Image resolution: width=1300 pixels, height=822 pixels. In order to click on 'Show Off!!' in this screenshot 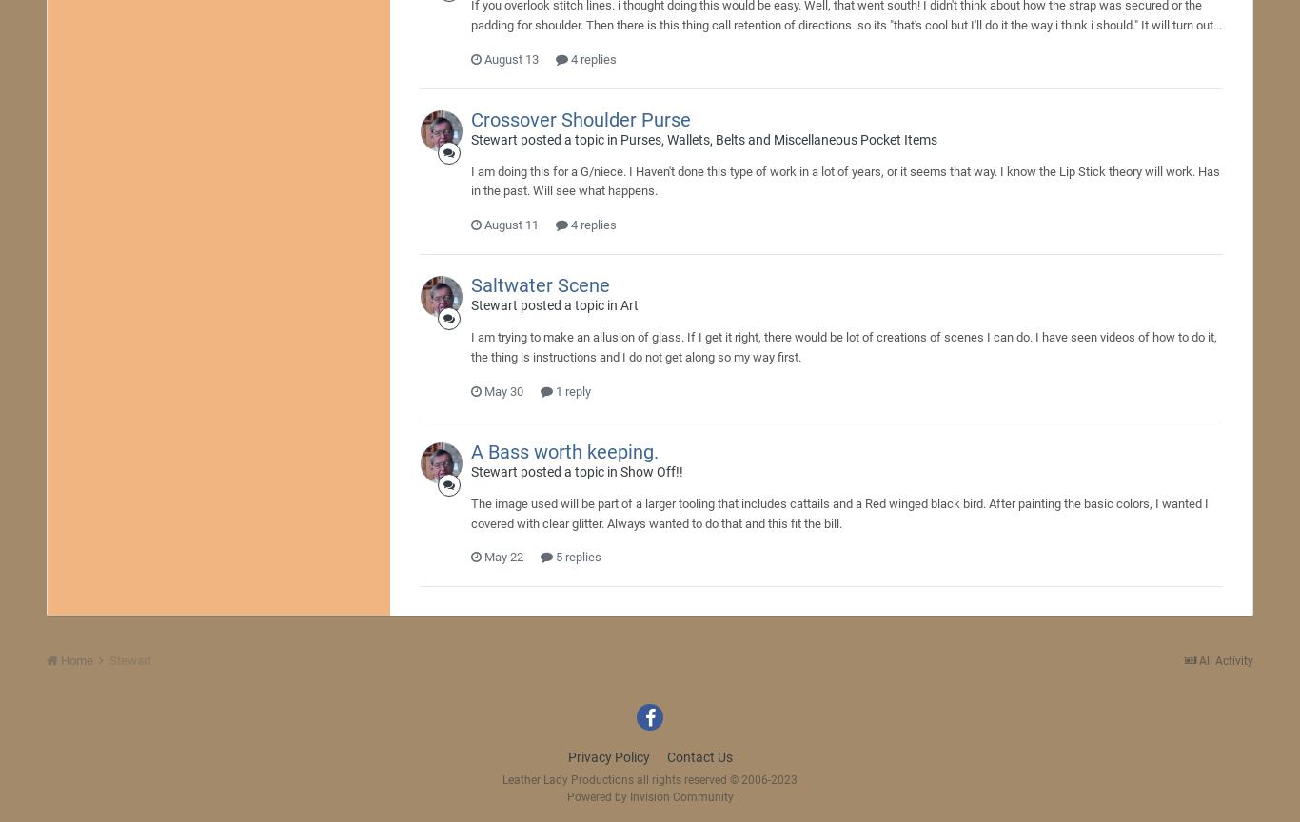, I will do `click(652, 470)`.